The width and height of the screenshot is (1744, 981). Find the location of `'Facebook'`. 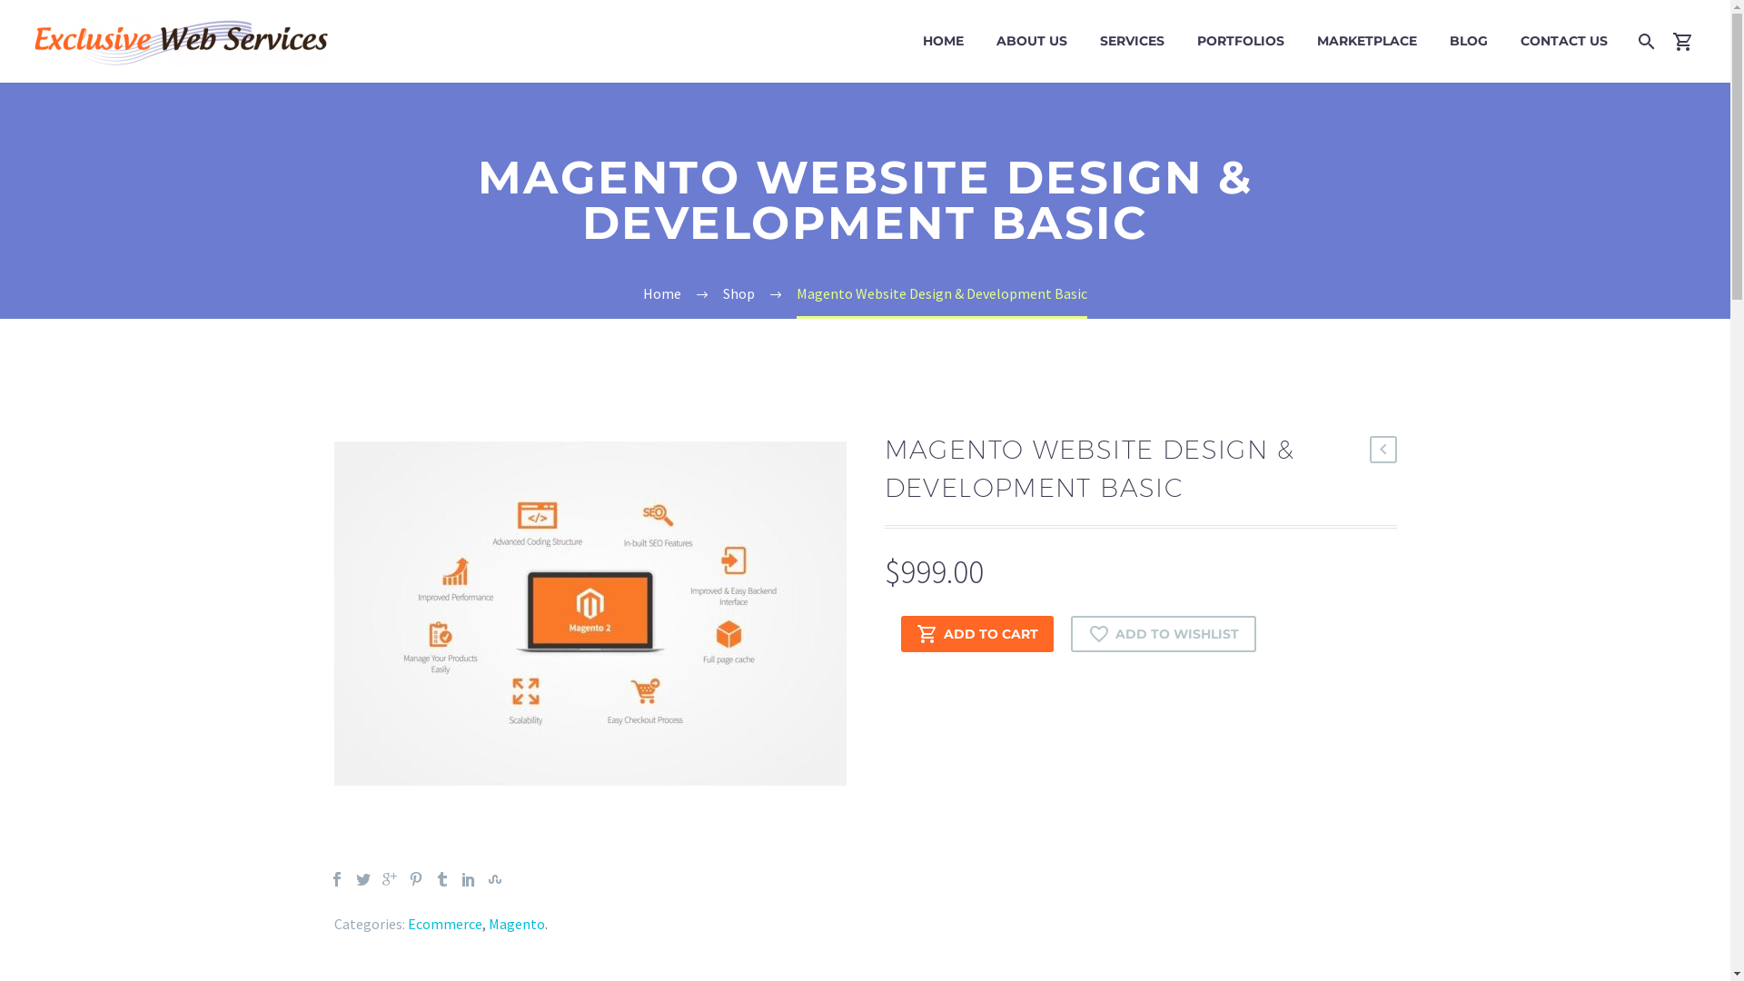

'Facebook' is located at coordinates (328, 878).